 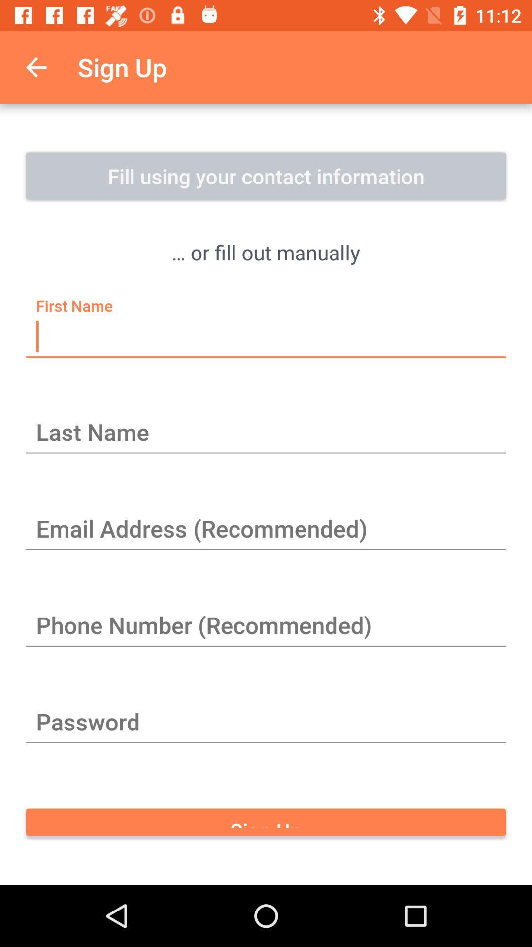 What do you see at coordinates (266, 176) in the screenshot?
I see `fill using your icon` at bounding box center [266, 176].